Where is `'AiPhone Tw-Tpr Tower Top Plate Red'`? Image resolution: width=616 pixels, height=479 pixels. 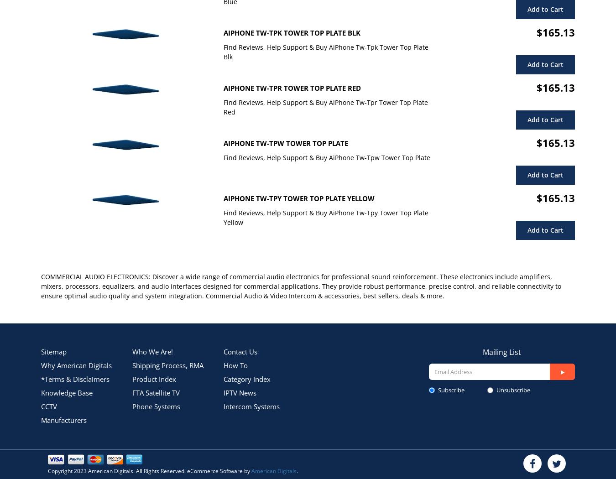 'AiPhone Tw-Tpr Tower Top Plate Red' is located at coordinates (292, 87).